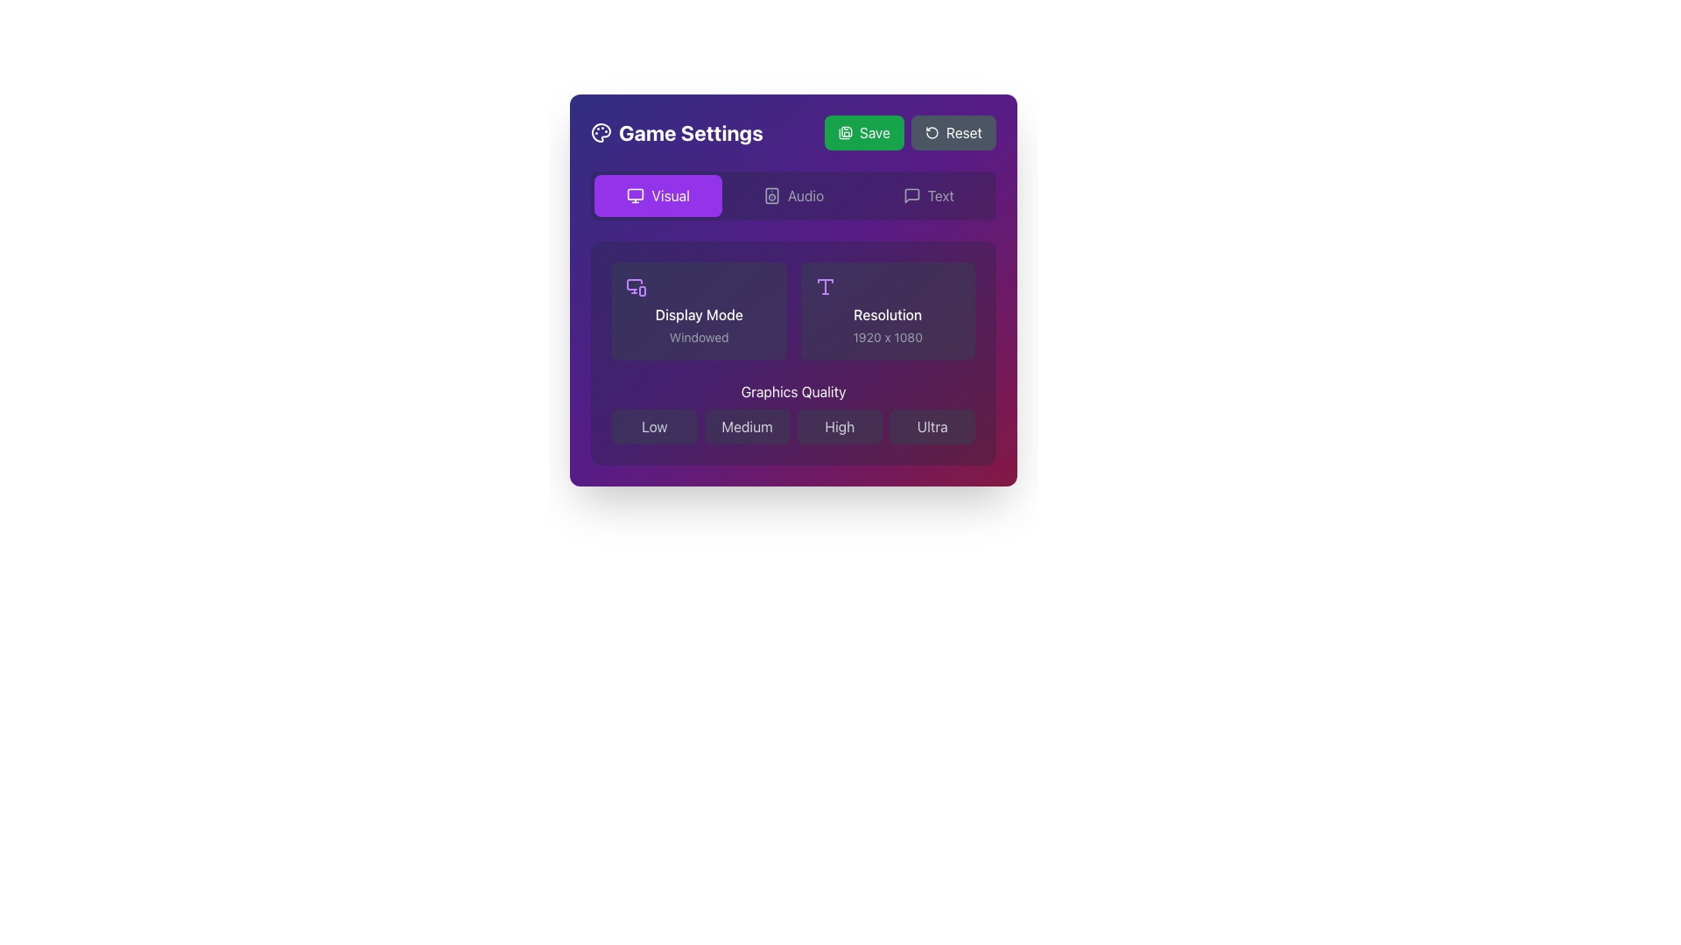 The image size is (1681, 945). Describe the element at coordinates (792, 412) in the screenshot. I see `the graphics quality selection buttons group located at the bottom section of the settings interface, below the 'Display Mode' and 'Resolution' sections` at that location.